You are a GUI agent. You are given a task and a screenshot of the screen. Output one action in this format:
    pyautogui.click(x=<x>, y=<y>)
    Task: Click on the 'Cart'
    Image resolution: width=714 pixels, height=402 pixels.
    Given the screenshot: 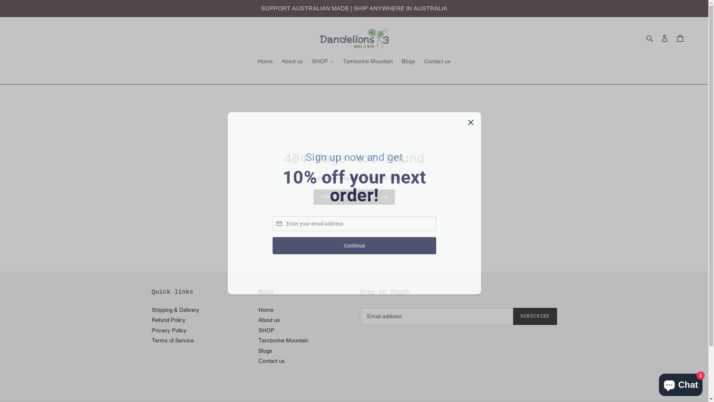 What is the action you would take?
    pyautogui.click(x=680, y=38)
    